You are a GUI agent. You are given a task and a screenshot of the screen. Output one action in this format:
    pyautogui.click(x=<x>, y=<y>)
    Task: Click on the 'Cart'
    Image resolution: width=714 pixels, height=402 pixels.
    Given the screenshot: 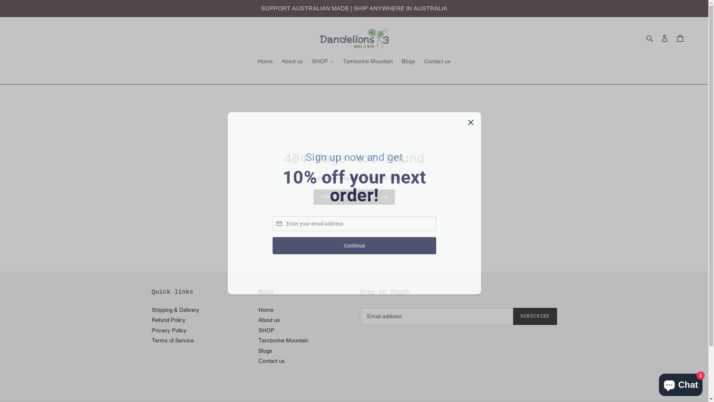 What is the action you would take?
    pyautogui.click(x=680, y=38)
    